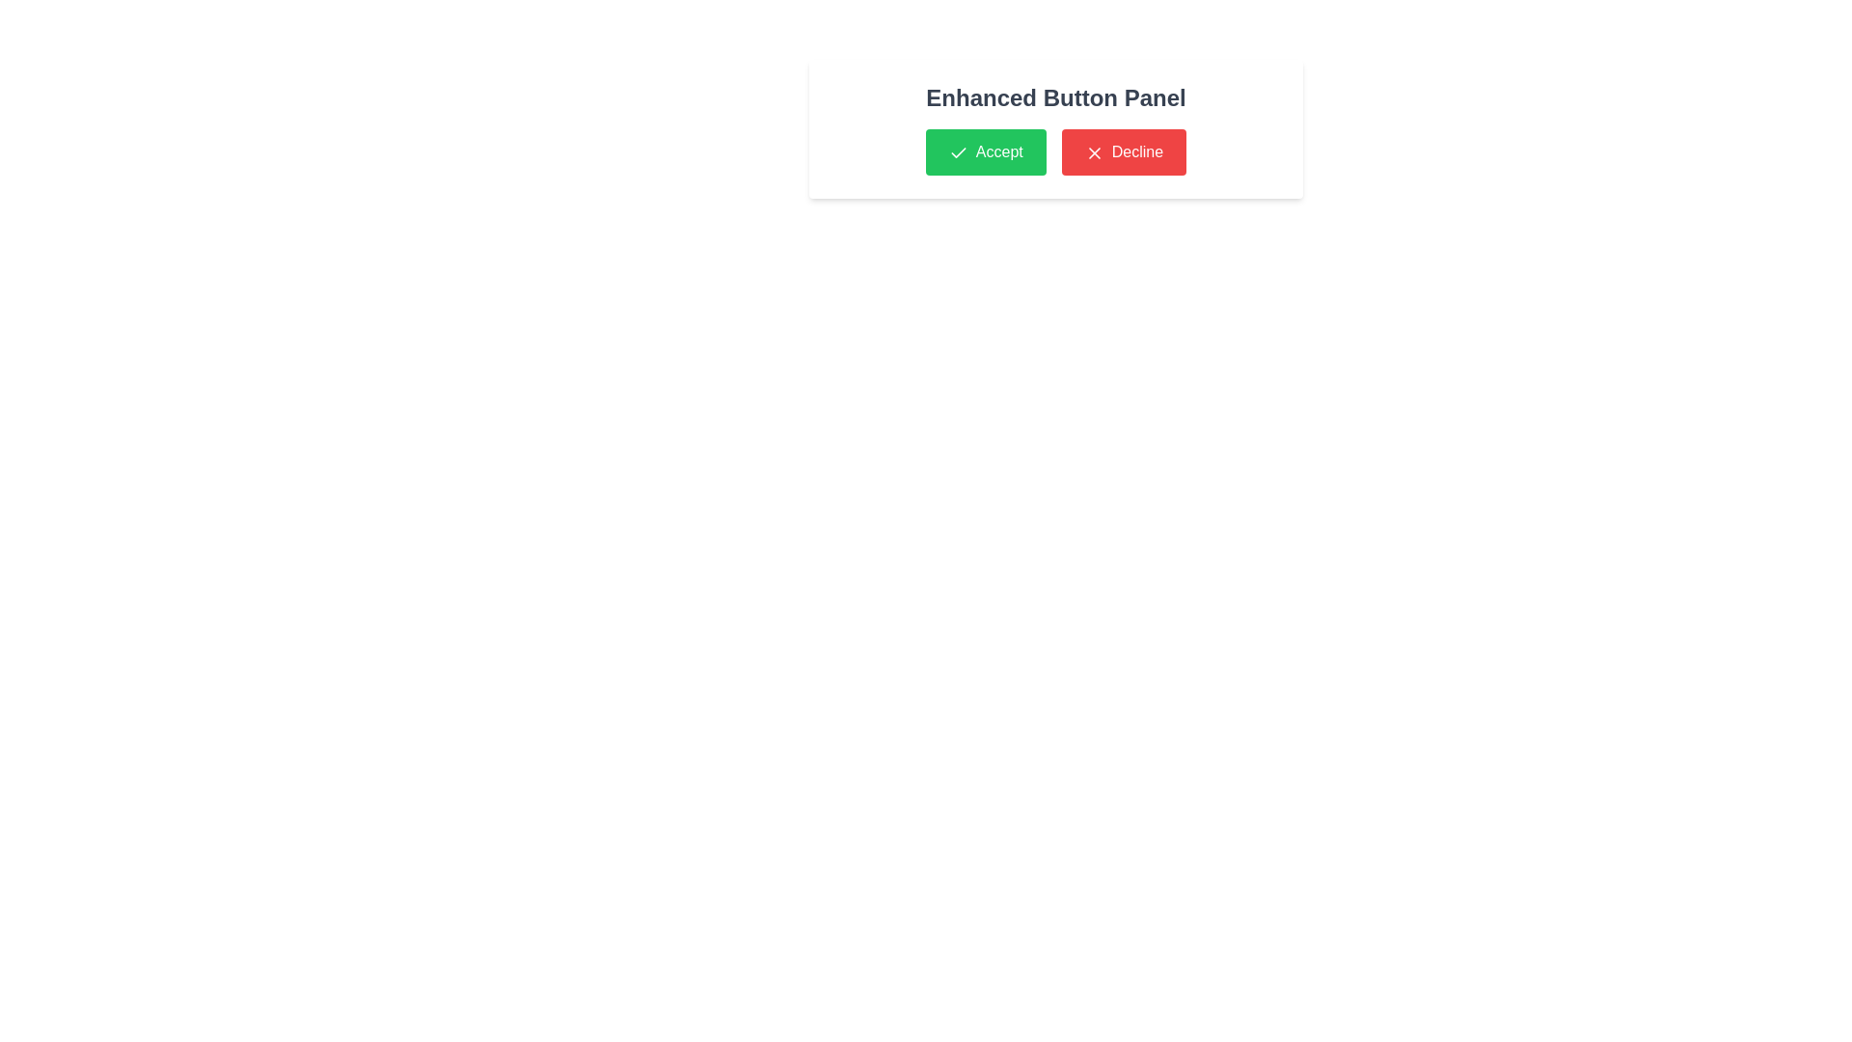 The height and width of the screenshot is (1042, 1852). Describe the element at coordinates (958, 151) in the screenshot. I see `decorative icon located at the top-left corner of the green 'Accept' button, which reinforces the button's confirmation action meaning` at that location.